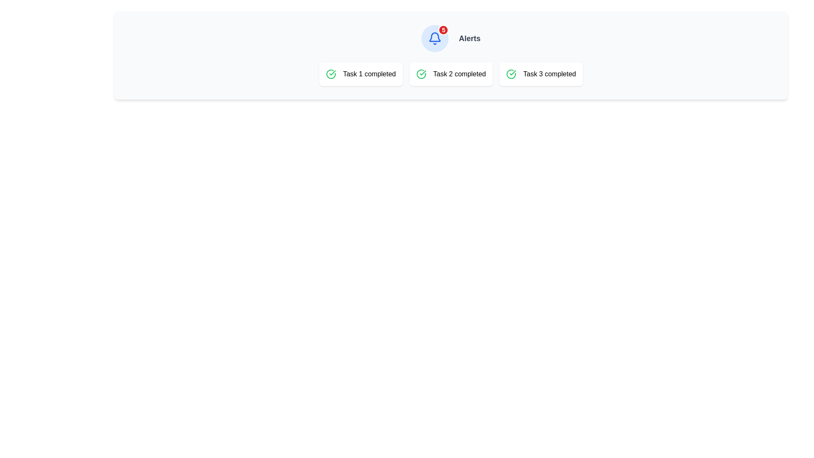 Image resolution: width=814 pixels, height=458 pixels. What do you see at coordinates (511, 73) in the screenshot?
I see `the completion icon located at the leftmost position of the card labeled 'Task 3 completed'` at bounding box center [511, 73].